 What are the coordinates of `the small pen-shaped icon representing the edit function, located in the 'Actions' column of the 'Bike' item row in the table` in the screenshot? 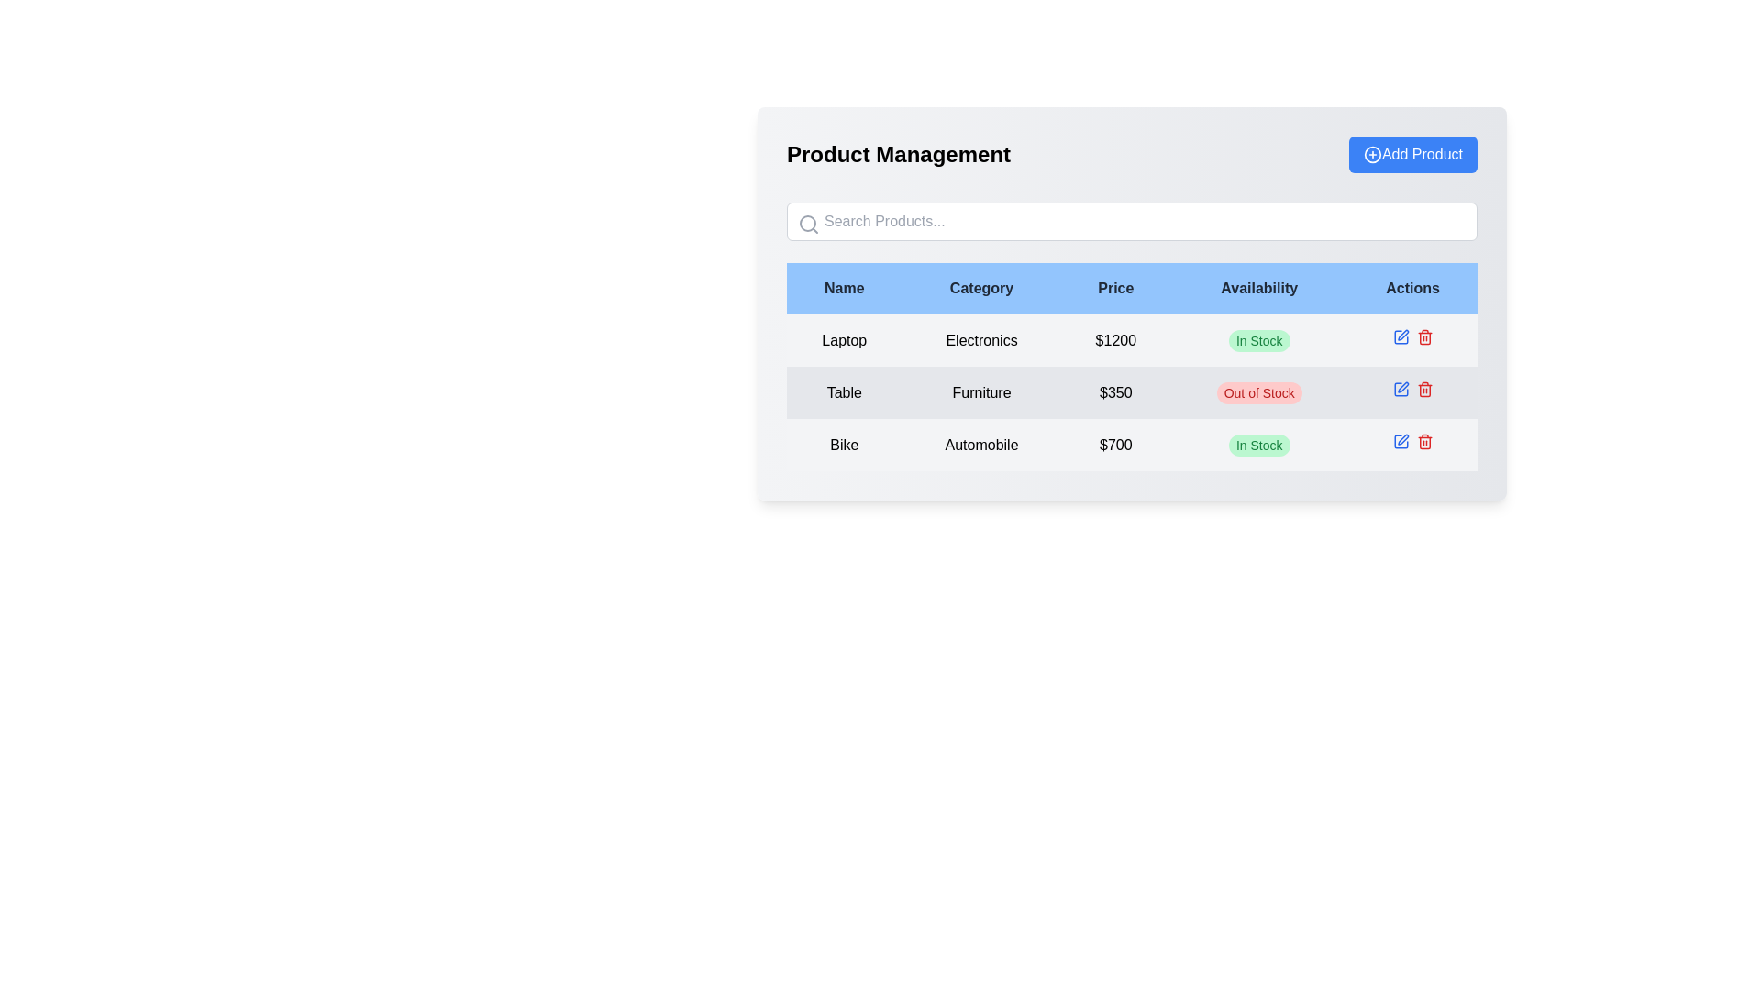 It's located at (1401, 439).